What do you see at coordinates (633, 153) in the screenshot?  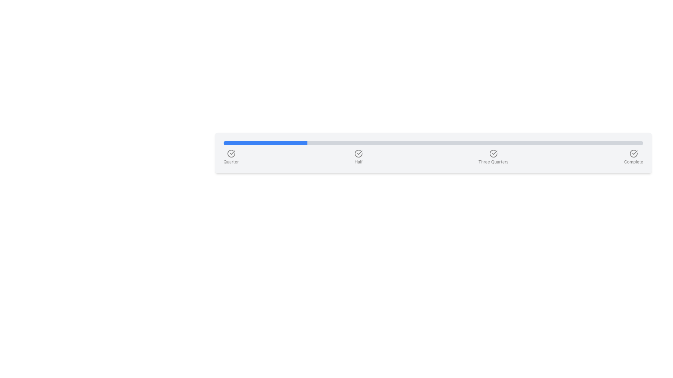 I see `the completion marker icon located at the far-right end of the horizontal progress indicator, which indicates a finalized step or milestone` at bounding box center [633, 153].